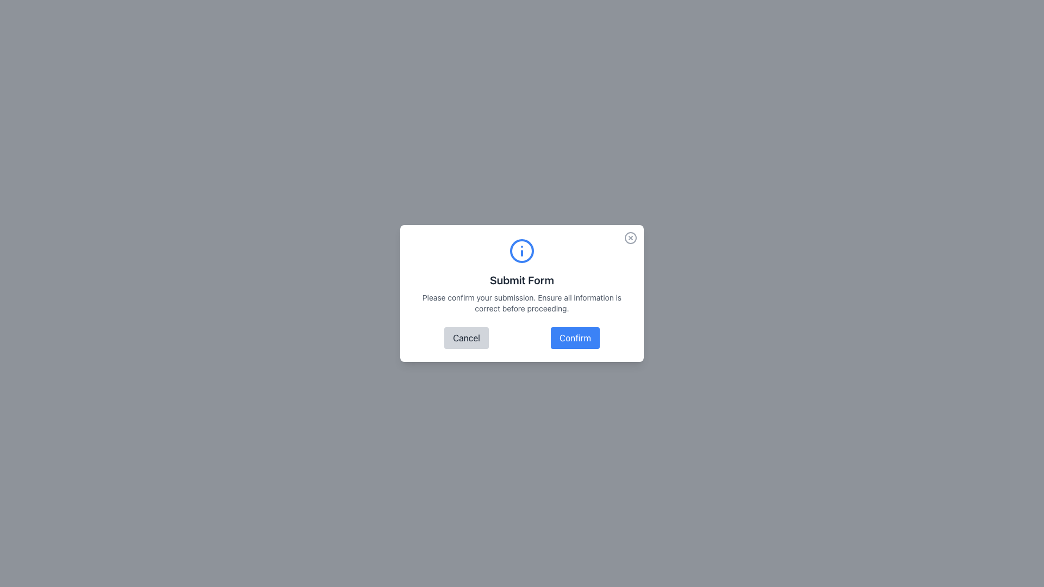 Image resolution: width=1044 pixels, height=587 pixels. I want to click on the blue circular information icon with an 'i' in the center, located at the top-center of the 'Submit Form' modal window, so click(522, 251).